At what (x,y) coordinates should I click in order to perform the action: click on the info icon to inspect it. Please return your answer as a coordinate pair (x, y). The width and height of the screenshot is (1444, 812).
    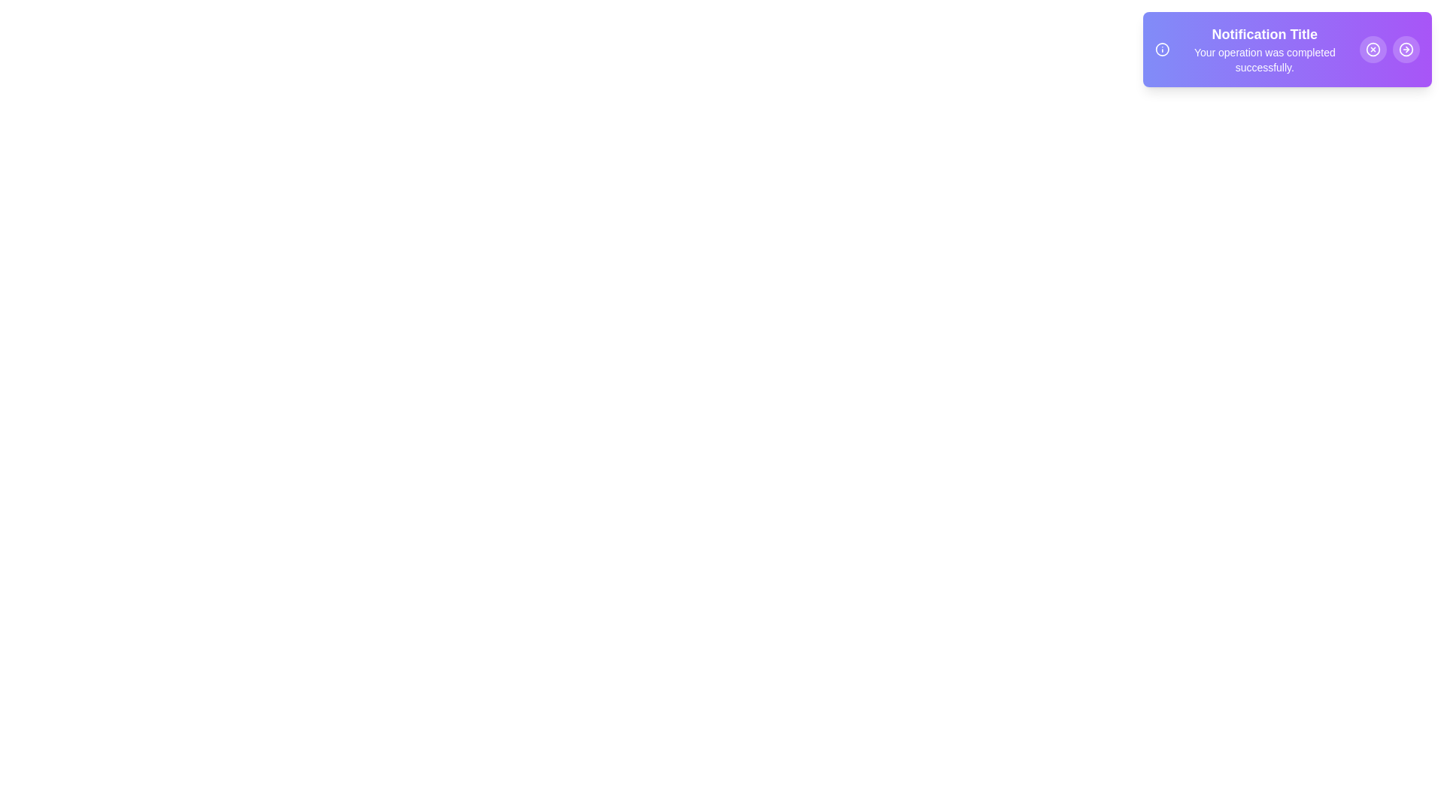
    Looking at the image, I should click on (1161, 48).